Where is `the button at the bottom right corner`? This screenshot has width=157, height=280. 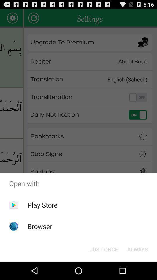
the button at the bottom right corner is located at coordinates (137, 249).